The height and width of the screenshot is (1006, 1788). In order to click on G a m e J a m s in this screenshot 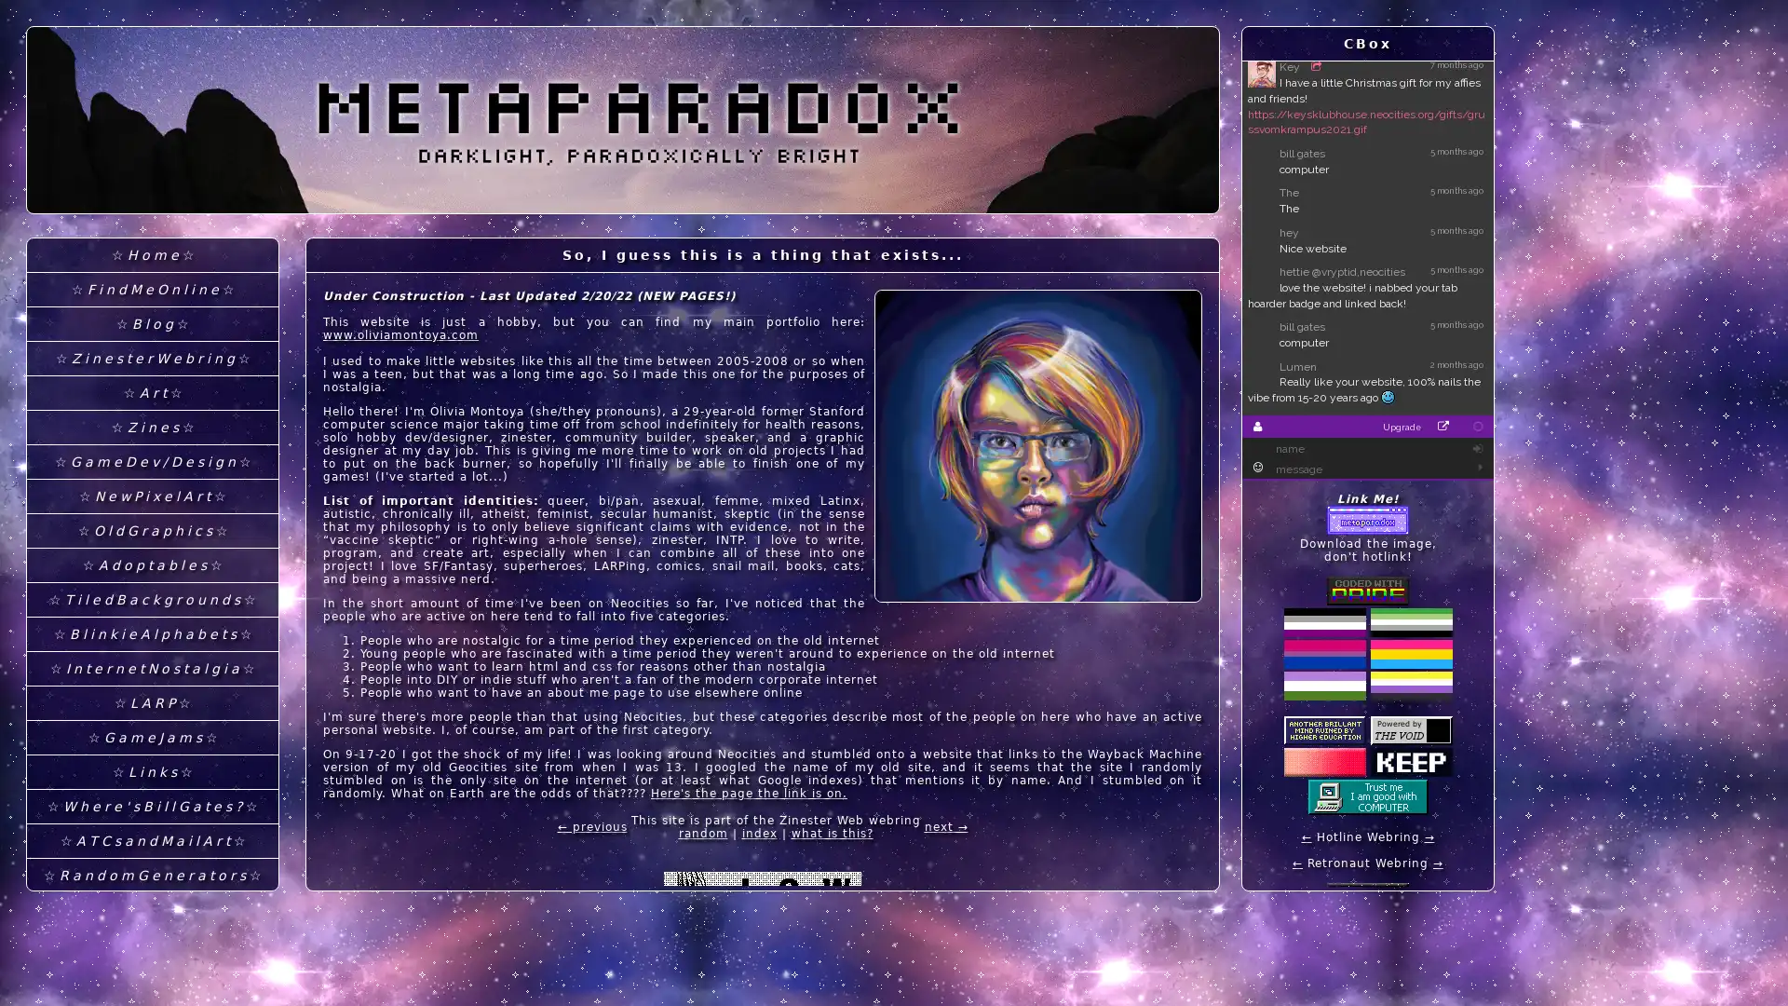, I will do `click(152, 737)`.